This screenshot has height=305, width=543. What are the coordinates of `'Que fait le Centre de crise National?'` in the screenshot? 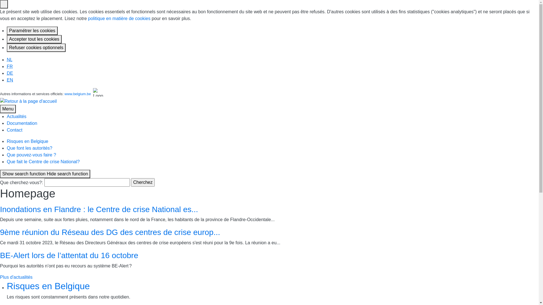 It's located at (43, 162).